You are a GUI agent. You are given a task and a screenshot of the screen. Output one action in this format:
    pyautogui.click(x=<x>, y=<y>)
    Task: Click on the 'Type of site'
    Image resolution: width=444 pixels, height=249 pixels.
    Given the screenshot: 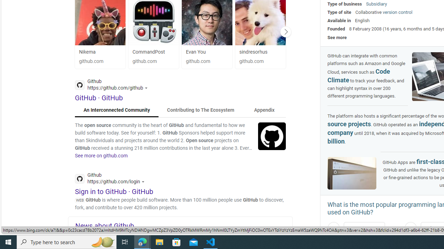 What is the action you would take?
    pyautogui.click(x=339, y=12)
    